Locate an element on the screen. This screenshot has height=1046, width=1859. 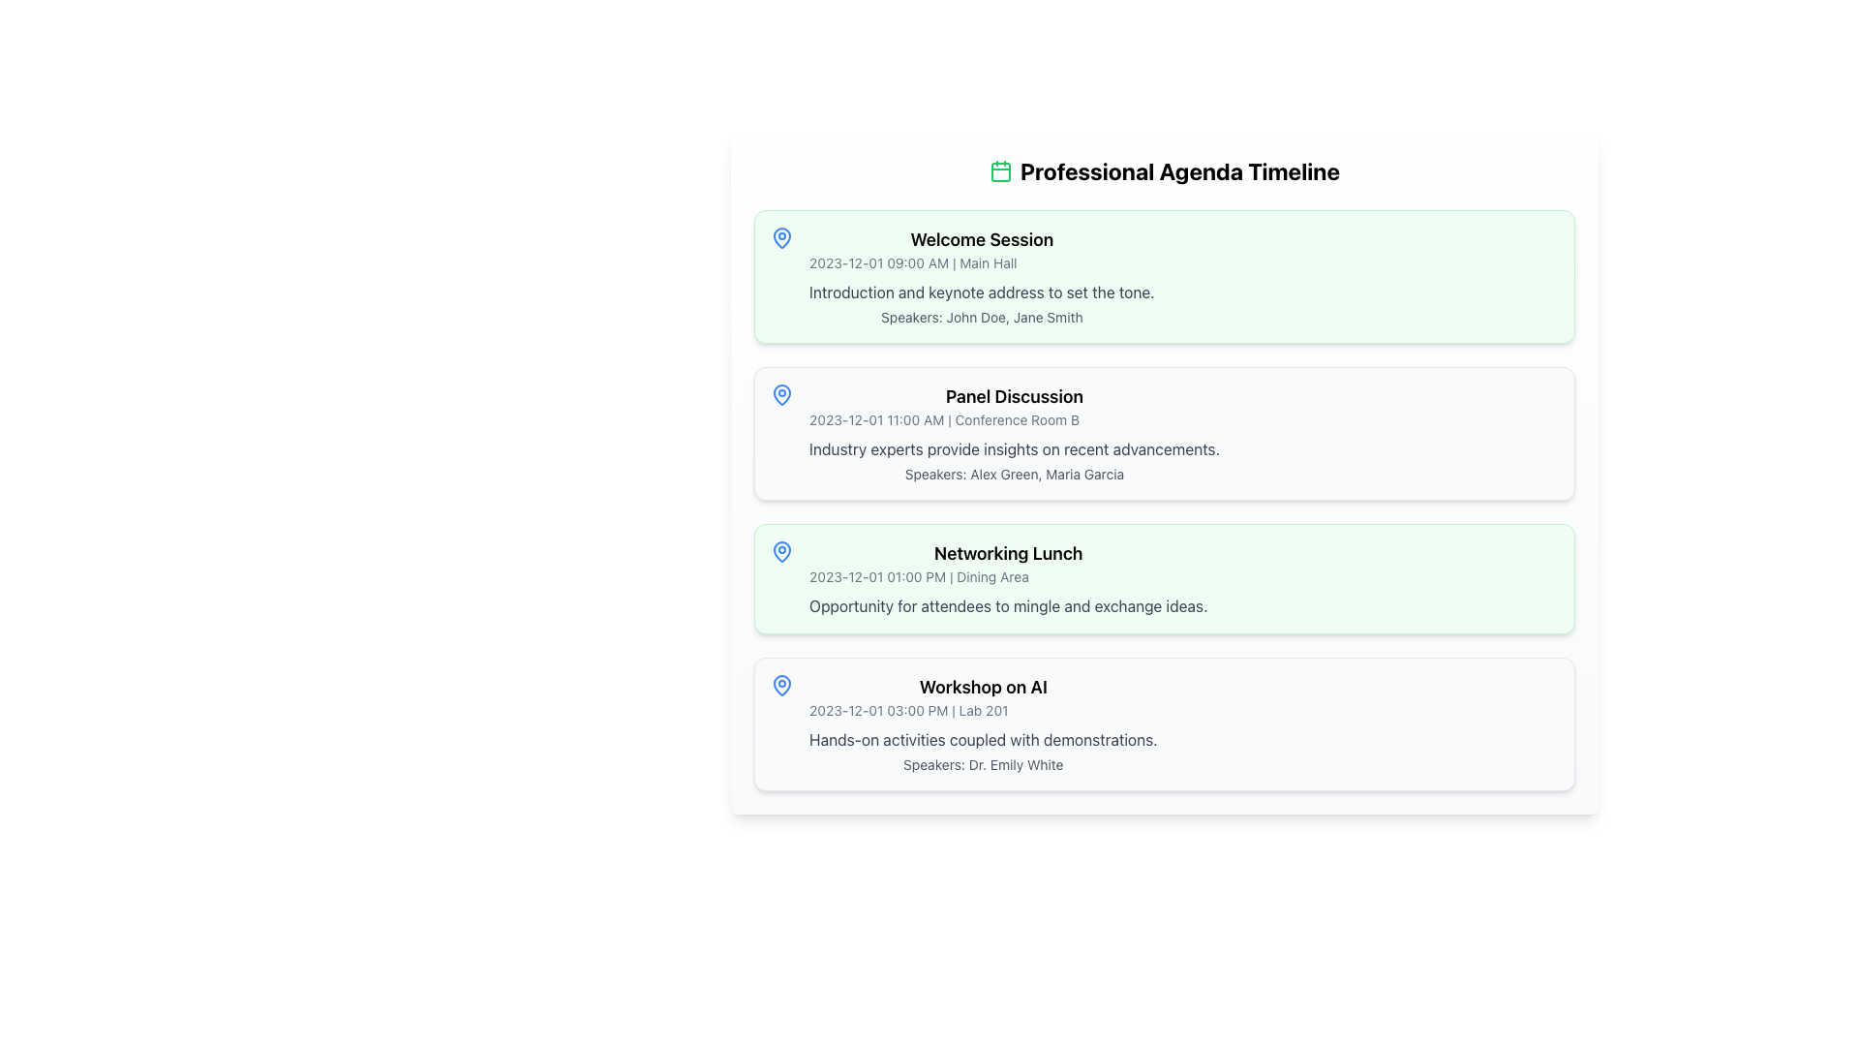
Text Label element displaying '2023-12-01 09:00 AM | Main Hall' which is located beneath the title 'Welcome Session' in the light green section of the 'Professional Agenda Timeline' is located at coordinates (982, 263).